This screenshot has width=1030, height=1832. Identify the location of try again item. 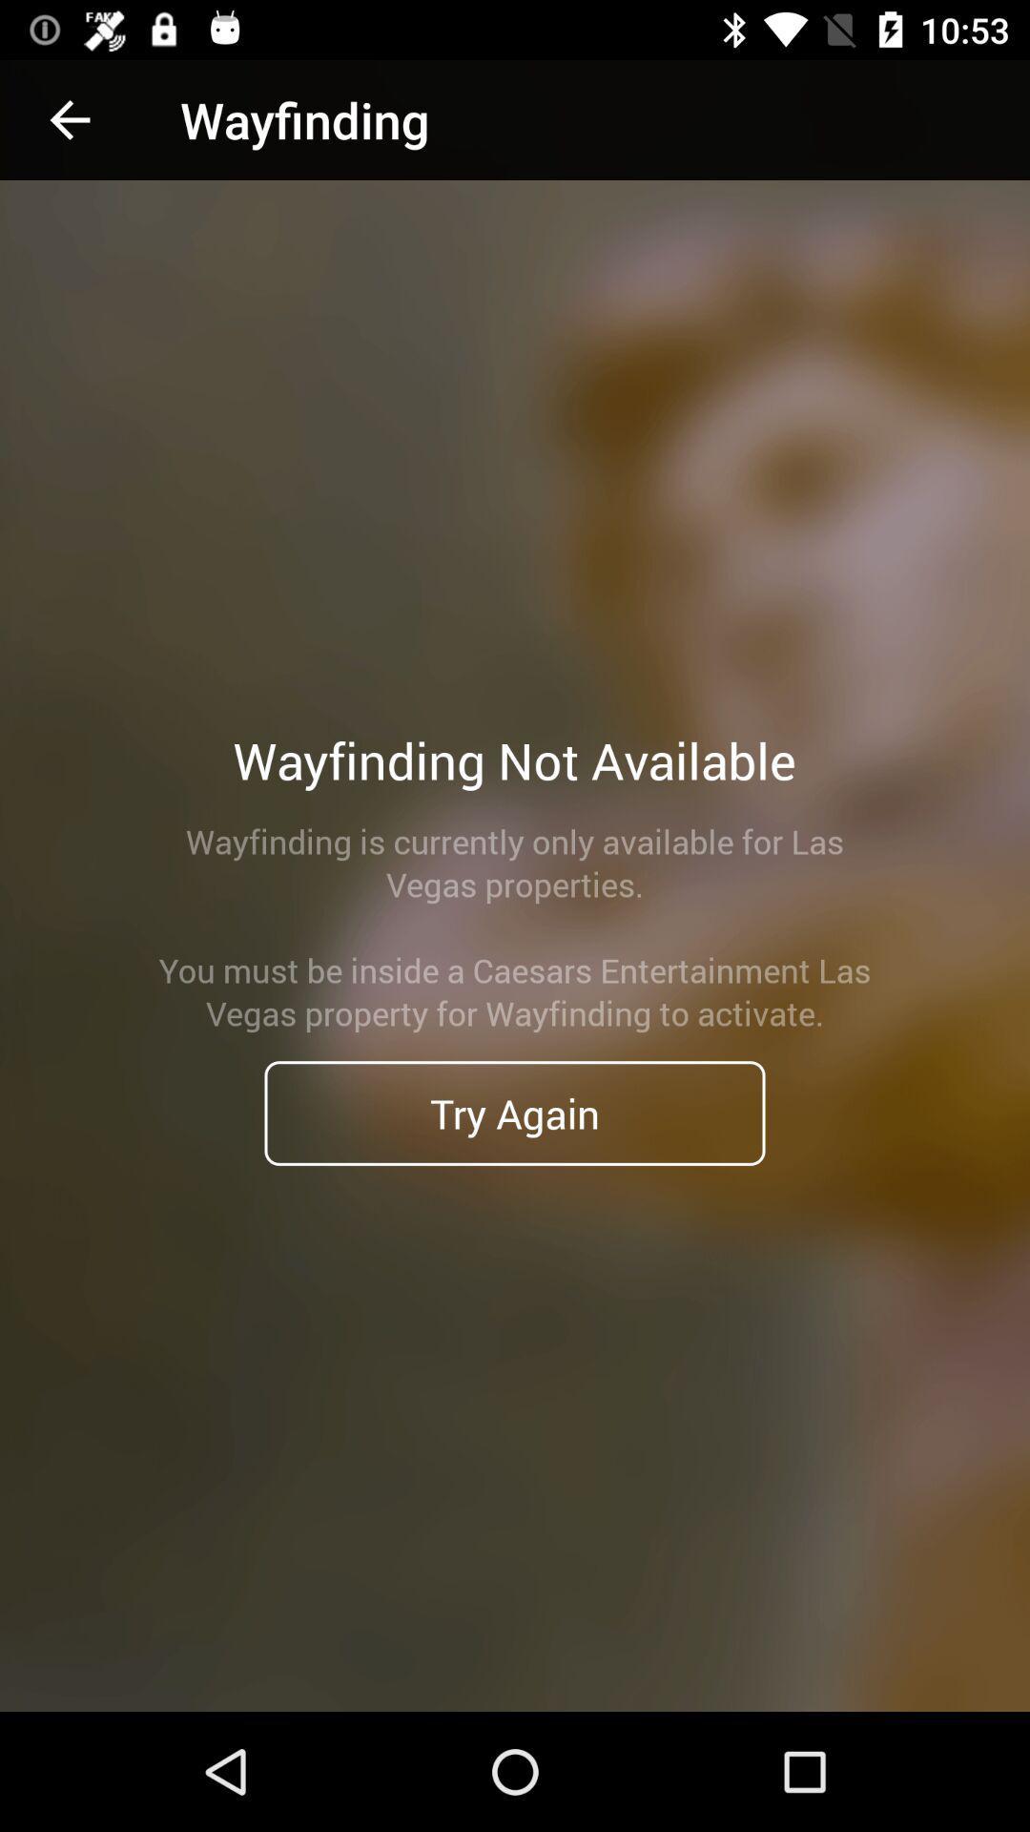
(515, 1113).